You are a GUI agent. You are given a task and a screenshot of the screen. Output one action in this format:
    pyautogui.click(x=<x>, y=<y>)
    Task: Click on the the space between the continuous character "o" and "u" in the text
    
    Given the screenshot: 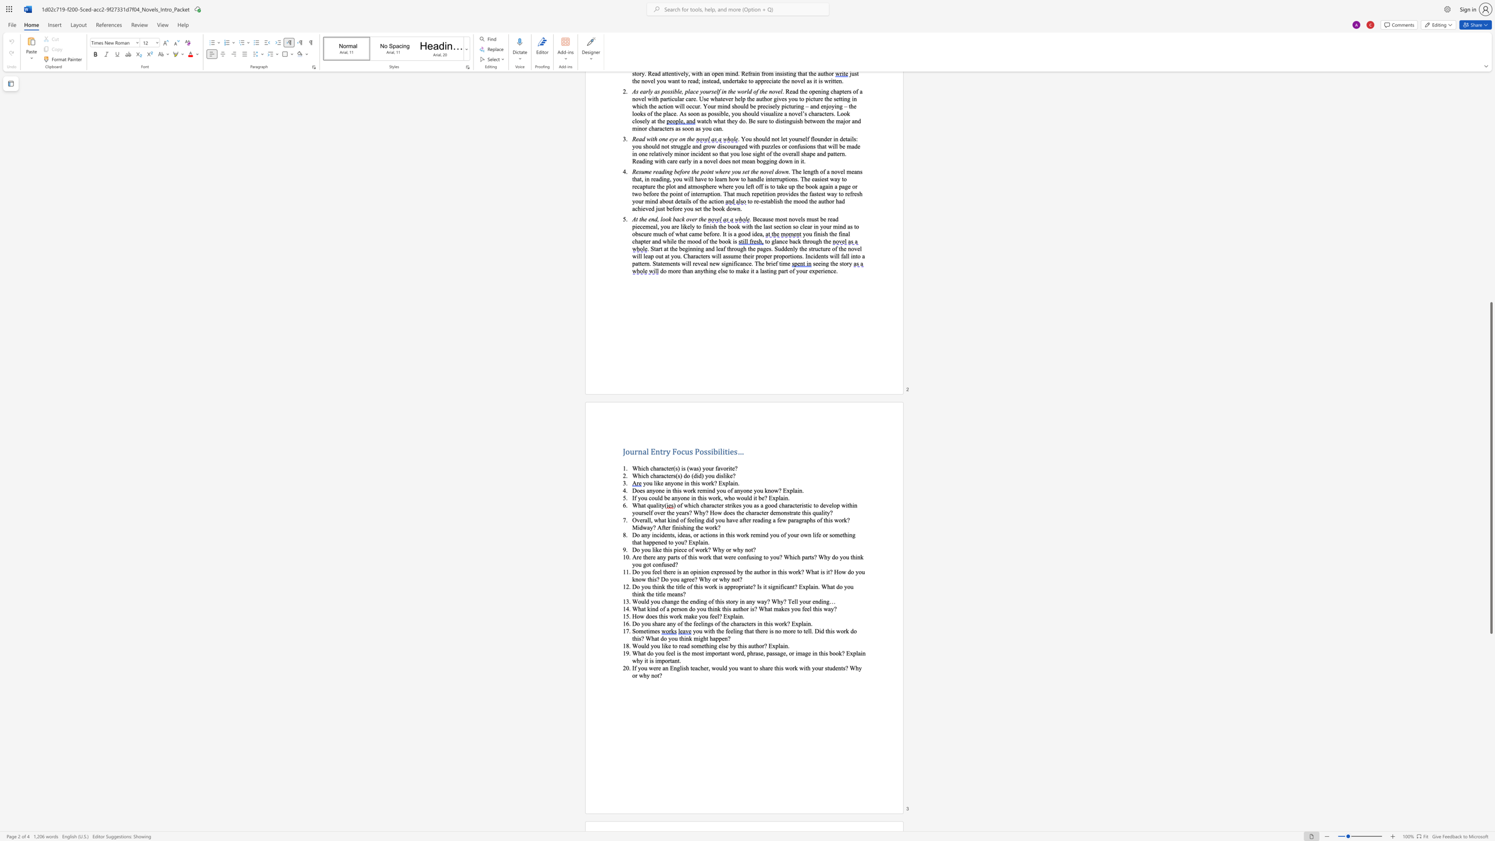 What is the action you would take?
    pyautogui.click(x=647, y=550)
    